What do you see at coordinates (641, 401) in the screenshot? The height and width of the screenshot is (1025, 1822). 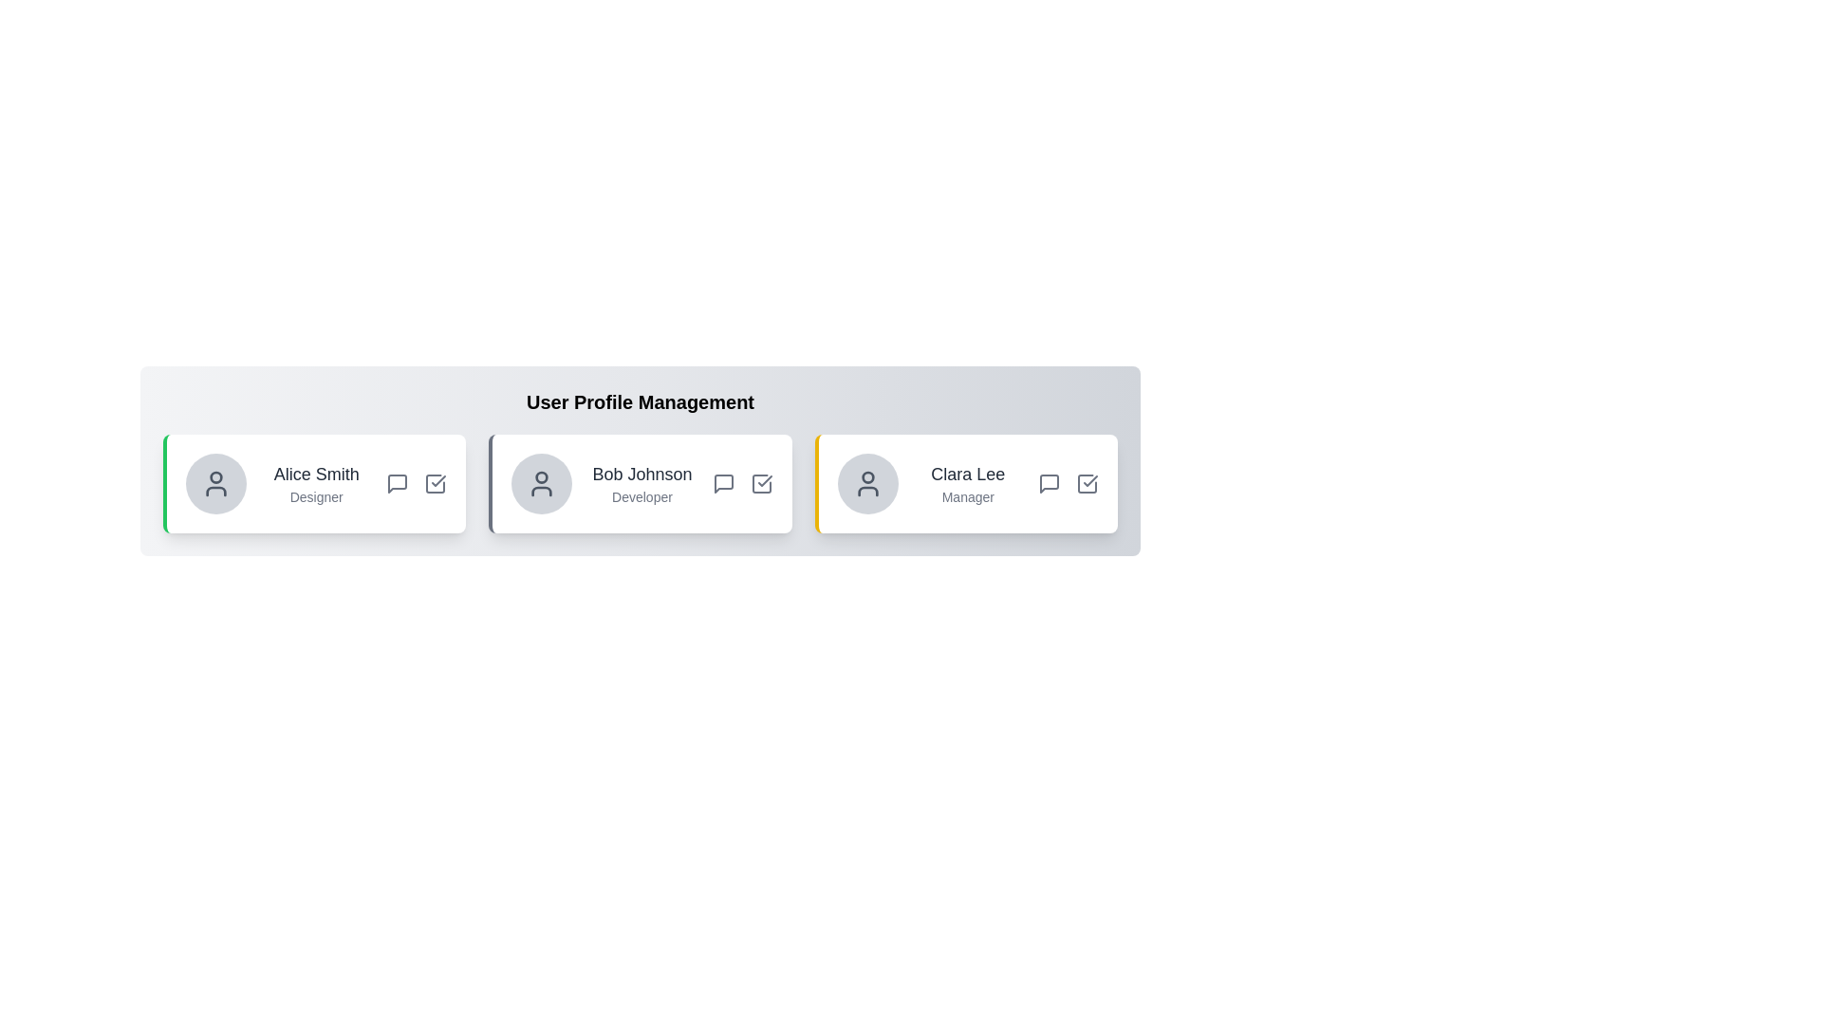 I see `the bold, large text label displaying 'User Profile Management' at the top of the user interface section` at bounding box center [641, 401].